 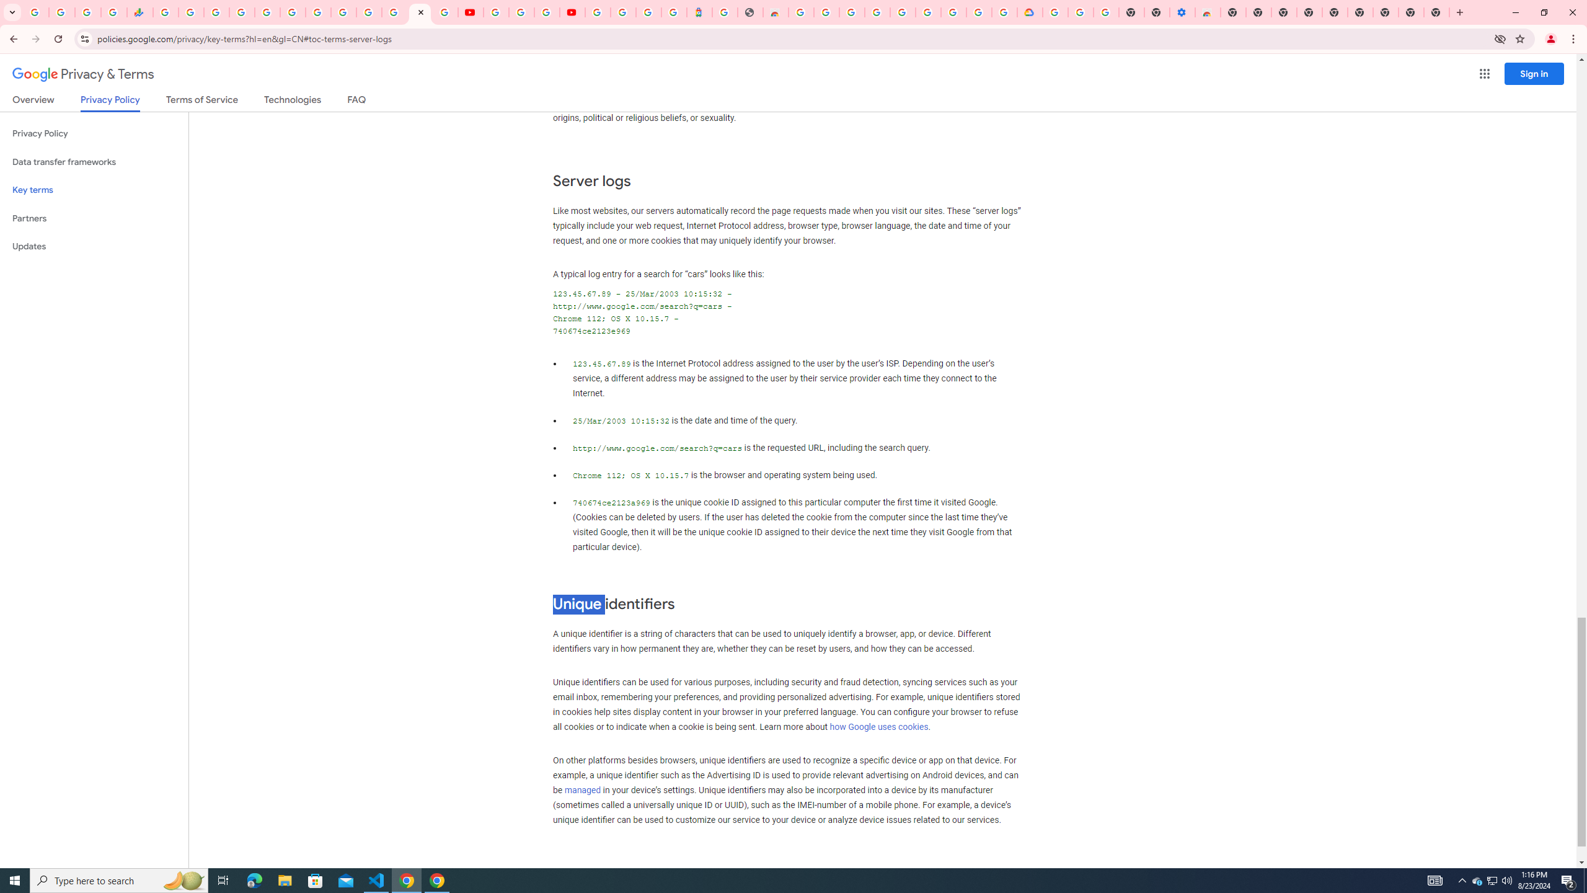 What do you see at coordinates (581, 789) in the screenshot?
I see `'managed'` at bounding box center [581, 789].